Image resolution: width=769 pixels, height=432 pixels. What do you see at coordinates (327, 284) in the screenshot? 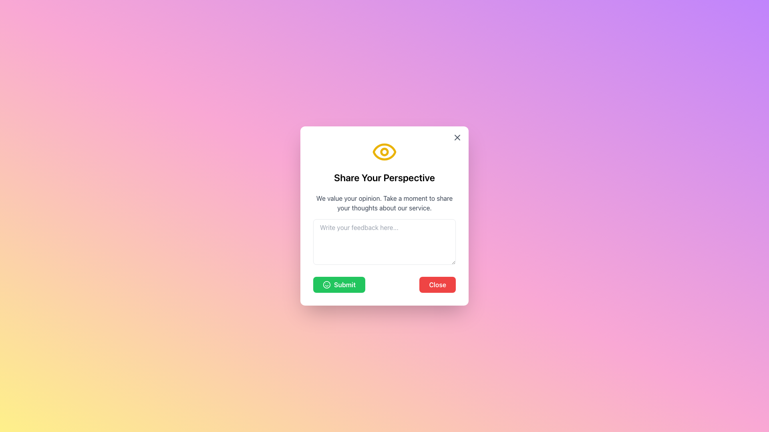
I see `the smiley face icon inside the green 'Submit' button located at the bottom-left of the dialog box, next to the text 'Submit'` at bounding box center [327, 284].